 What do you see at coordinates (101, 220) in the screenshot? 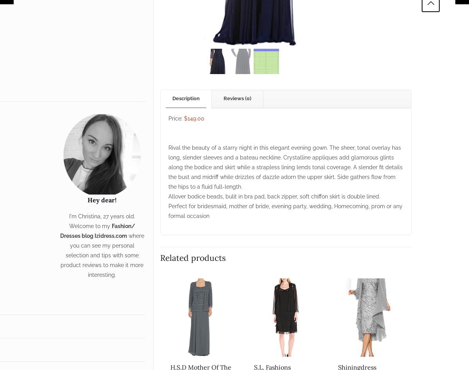
I see `'I'm Christina, 27 years old.
Welcome to my'` at bounding box center [101, 220].